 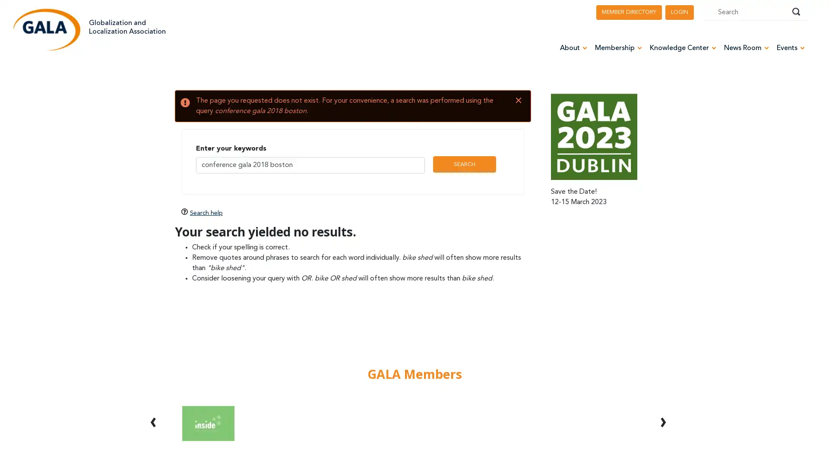 I want to click on Next, so click(x=662, y=412).